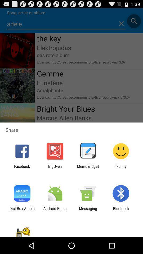  Describe the element at coordinates (88, 211) in the screenshot. I see `the messaging app` at that location.